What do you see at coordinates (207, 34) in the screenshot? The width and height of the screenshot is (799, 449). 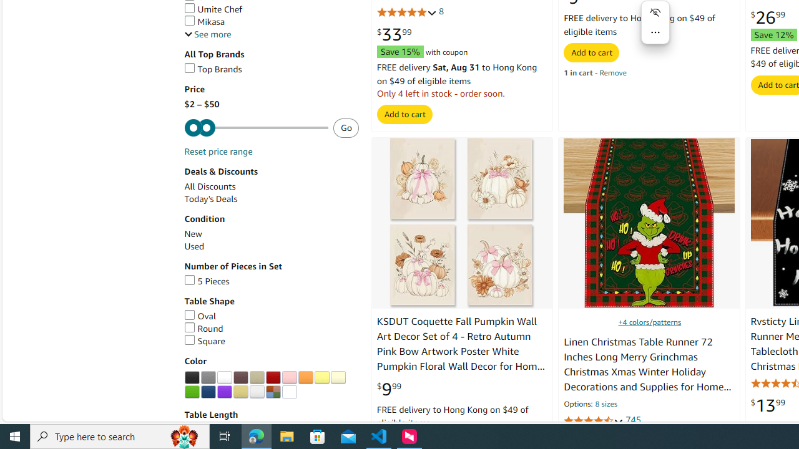 I see `'See more, Brands'` at bounding box center [207, 34].